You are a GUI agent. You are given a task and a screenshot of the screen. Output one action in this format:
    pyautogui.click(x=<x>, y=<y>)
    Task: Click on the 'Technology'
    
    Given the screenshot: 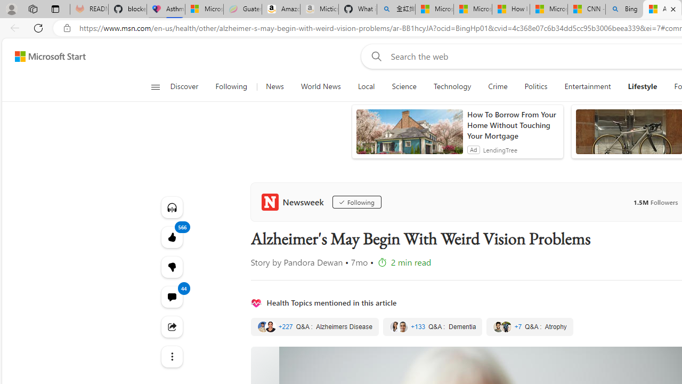 What is the action you would take?
    pyautogui.click(x=452, y=86)
    